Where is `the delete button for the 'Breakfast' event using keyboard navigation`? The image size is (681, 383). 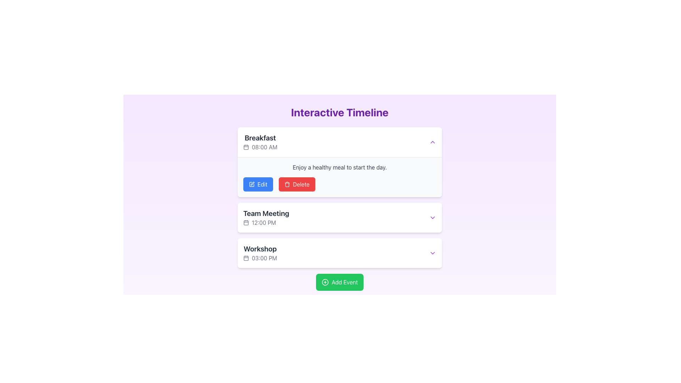
the delete button for the 'Breakfast' event using keyboard navigation is located at coordinates (297, 184).